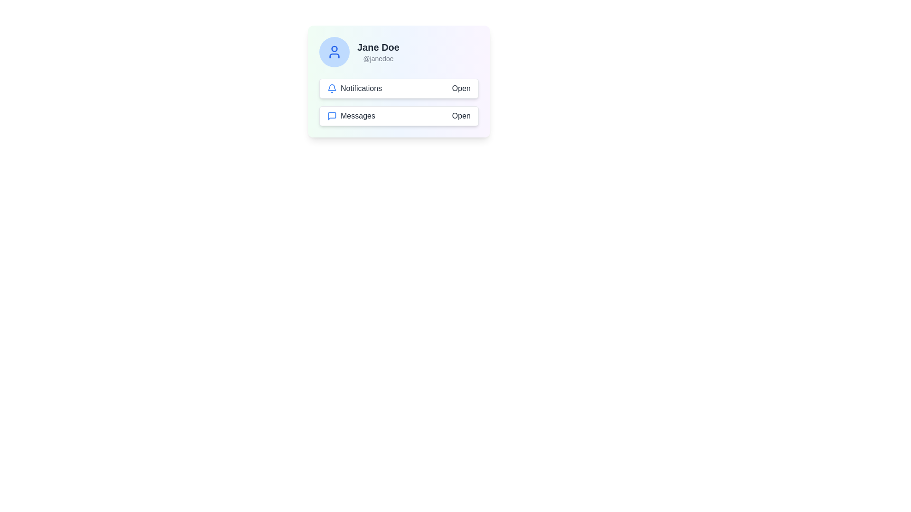 This screenshot has height=512, width=911. Describe the element at coordinates (332, 116) in the screenshot. I see `the speech bubble icon with a blue outline, positioned to the left of the 'Messages' text label` at that location.